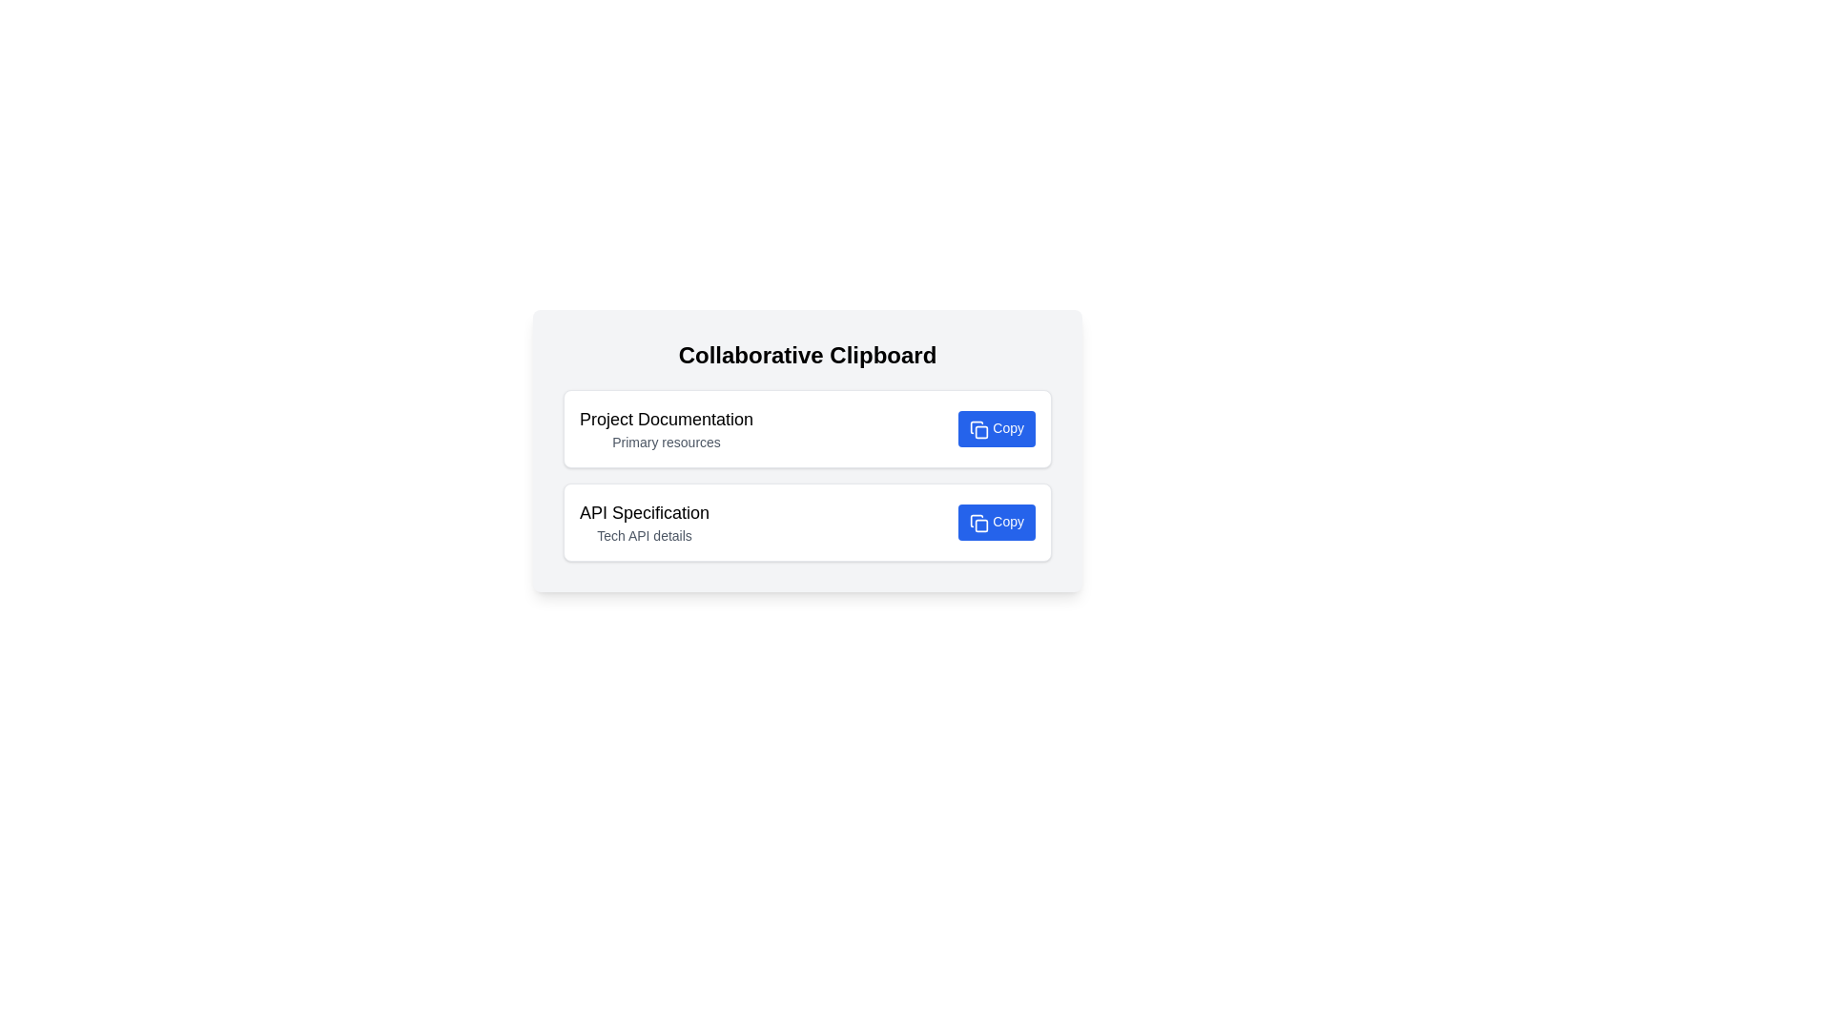 This screenshot has height=1030, width=1831. What do you see at coordinates (981, 432) in the screenshot?
I see `the Decorative SVG rectangle located within the blue button next to the 'API Specification' text` at bounding box center [981, 432].